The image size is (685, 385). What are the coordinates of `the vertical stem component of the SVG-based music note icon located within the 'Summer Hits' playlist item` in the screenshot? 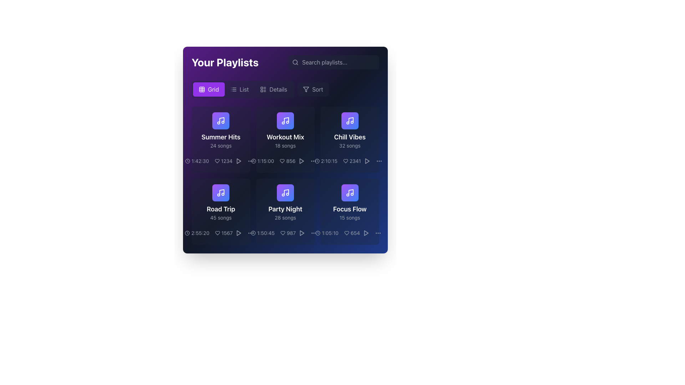 It's located at (222, 120).